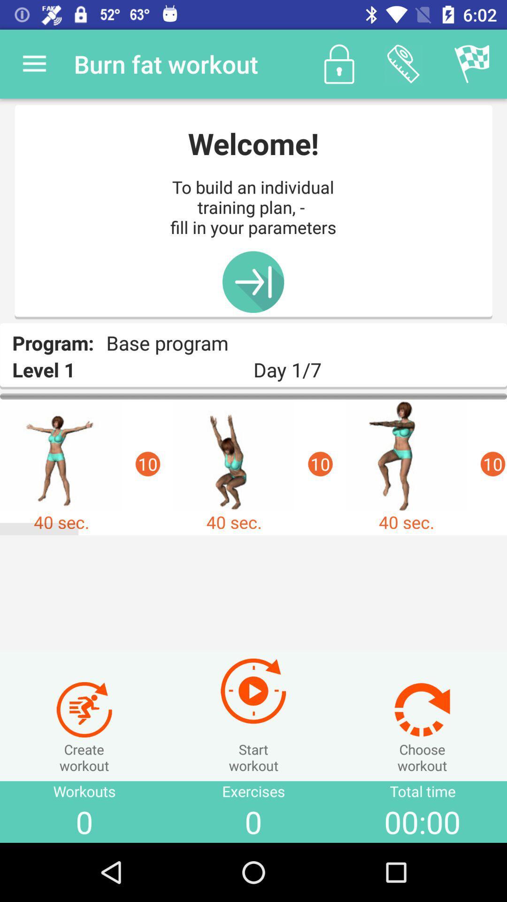  Describe the element at coordinates (253, 281) in the screenshot. I see `the icon above base program icon` at that location.